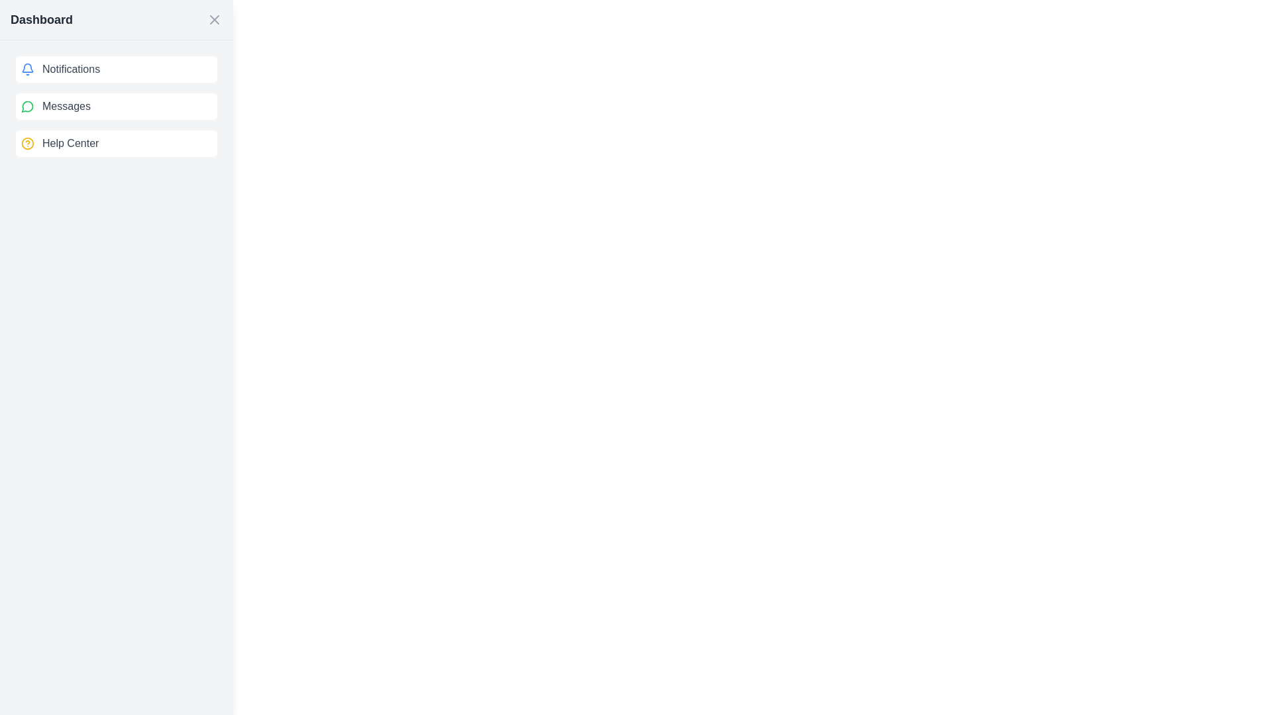  Describe the element at coordinates (117, 106) in the screenshot. I see `the second item in the sidebar menu that links to the Messages section` at that location.